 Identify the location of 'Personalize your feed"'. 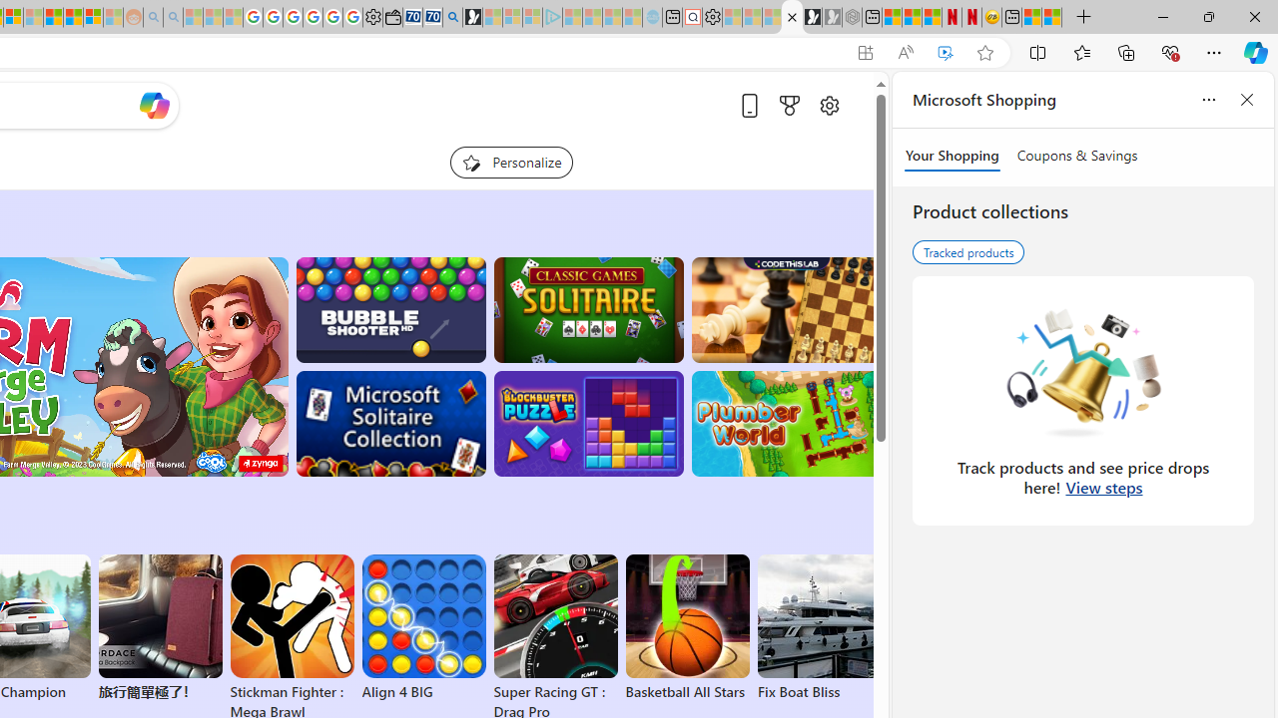
(511, 162).